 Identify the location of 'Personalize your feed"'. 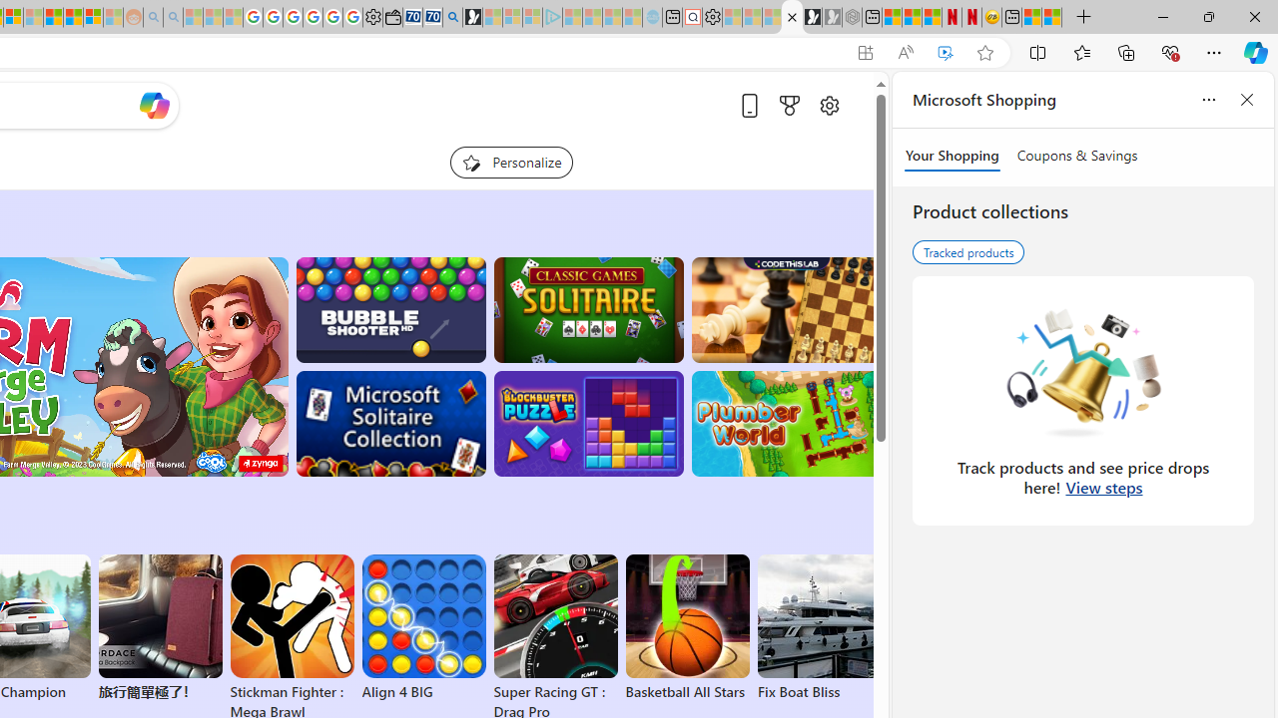
(511, 162).